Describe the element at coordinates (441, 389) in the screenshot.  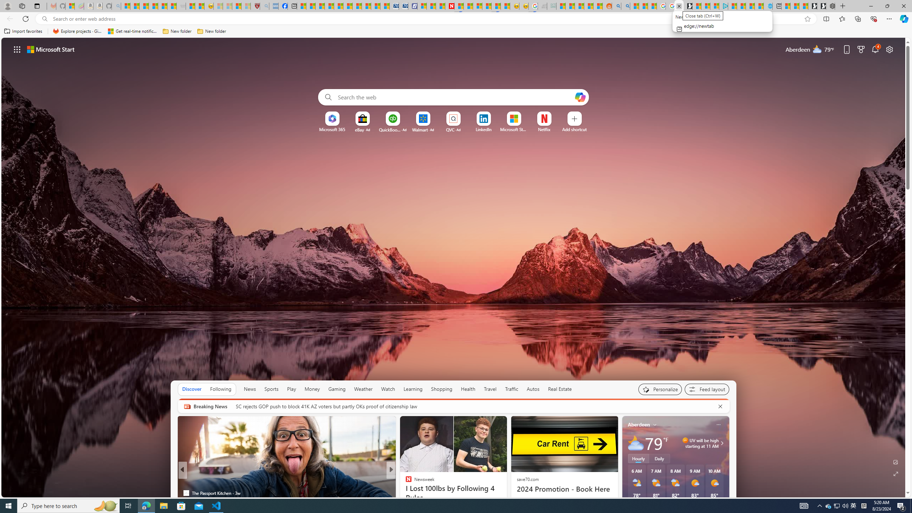
I see `'Shopping'` at that location.